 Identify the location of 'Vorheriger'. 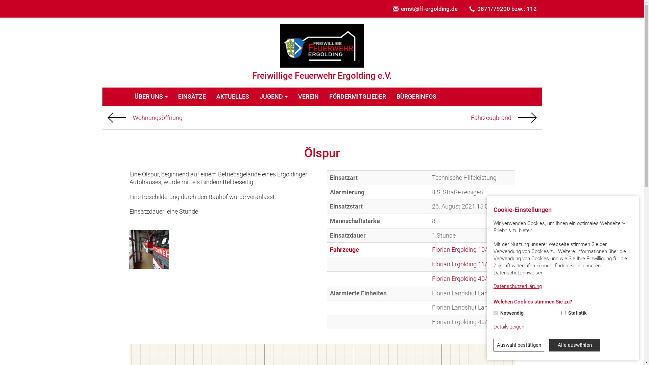
(107, 117).